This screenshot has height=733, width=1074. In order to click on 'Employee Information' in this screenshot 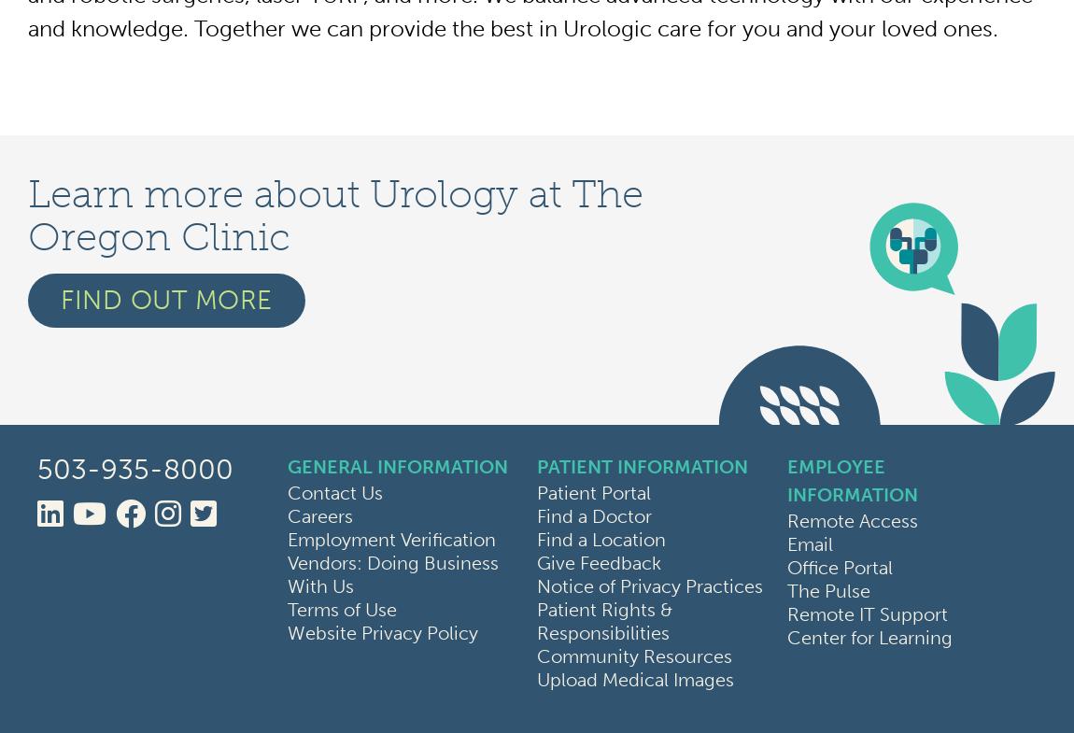, I will do `click(785, 481)`.